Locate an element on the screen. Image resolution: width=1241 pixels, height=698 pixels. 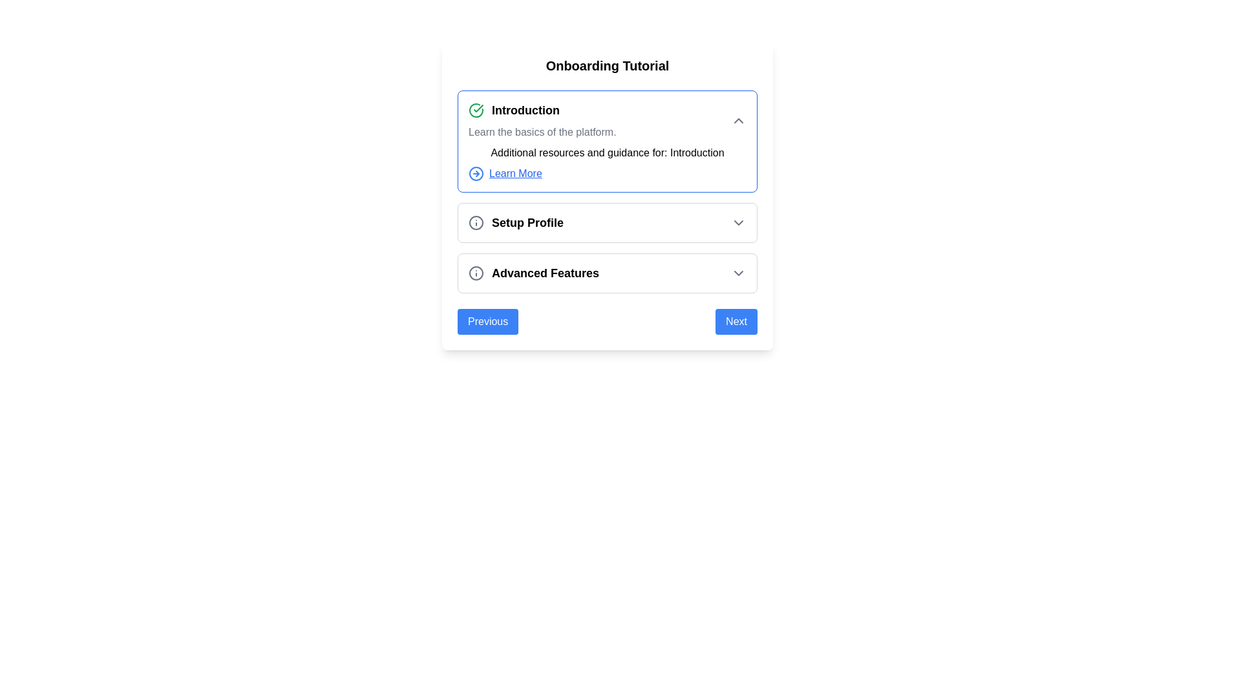
the 'Learn More' text link, which is styled with an underline and positioned to the right of an arrow symbol in the 'Introduction' section of a vertical stepper component is located at coordinates (514, 173).